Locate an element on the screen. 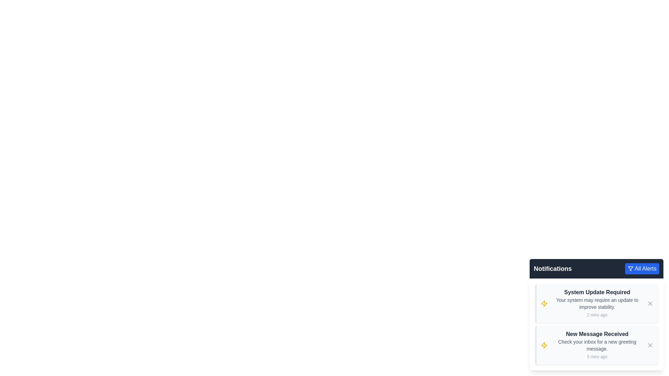 The width and height of the screenshot is (669, 376). the 'All Alerts' button to toggle the notification filter is located at coordinates (641, 268).